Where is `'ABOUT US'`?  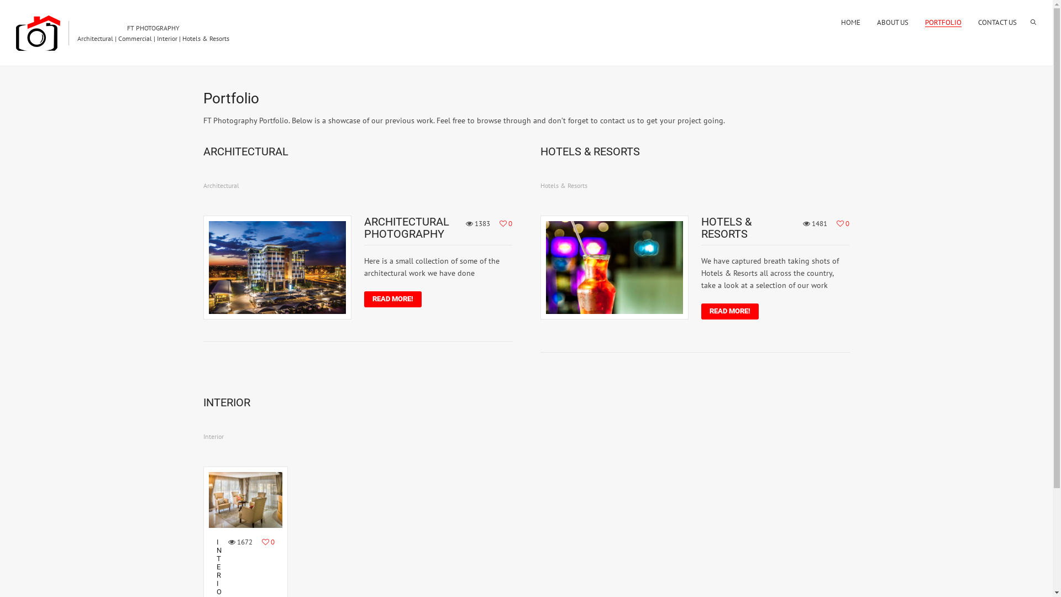 'ABOUT US' is located at coordinates (876, 22).